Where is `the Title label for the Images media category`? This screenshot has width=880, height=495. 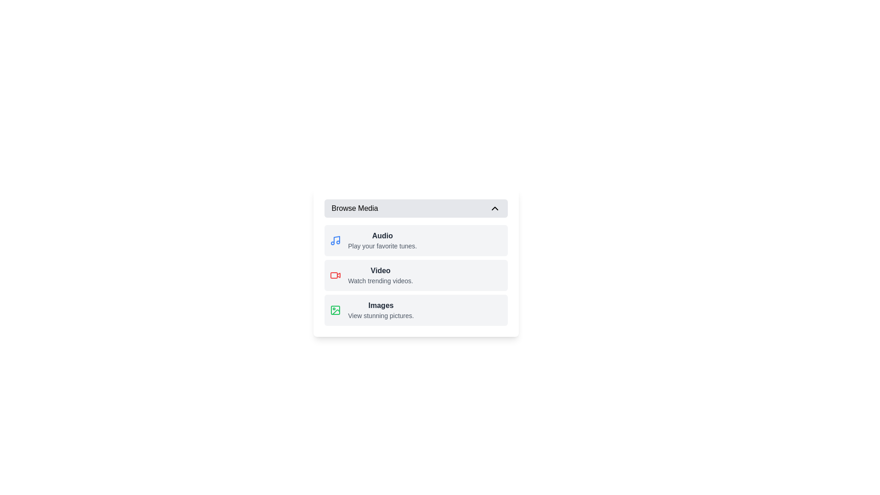
the Title label for the Images media category is located at coordinates (381, 306).